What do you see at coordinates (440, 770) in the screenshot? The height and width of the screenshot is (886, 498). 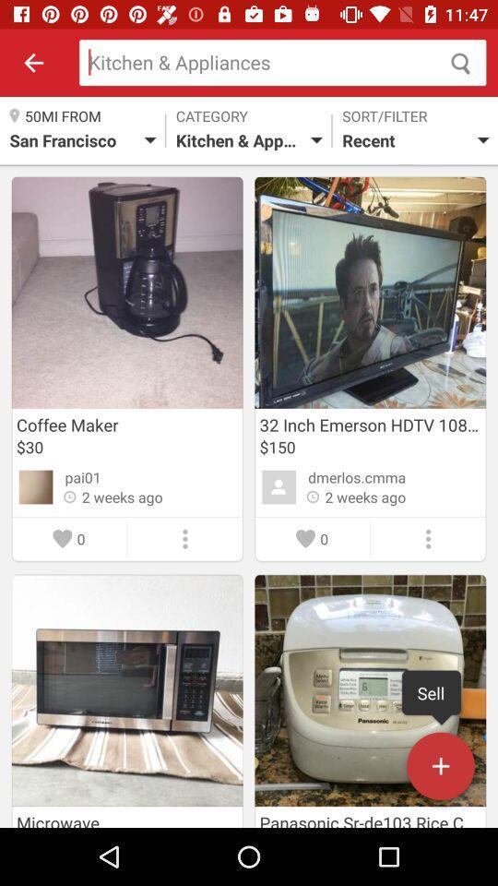 I see `the add icon` at bounding box center [440, 770].